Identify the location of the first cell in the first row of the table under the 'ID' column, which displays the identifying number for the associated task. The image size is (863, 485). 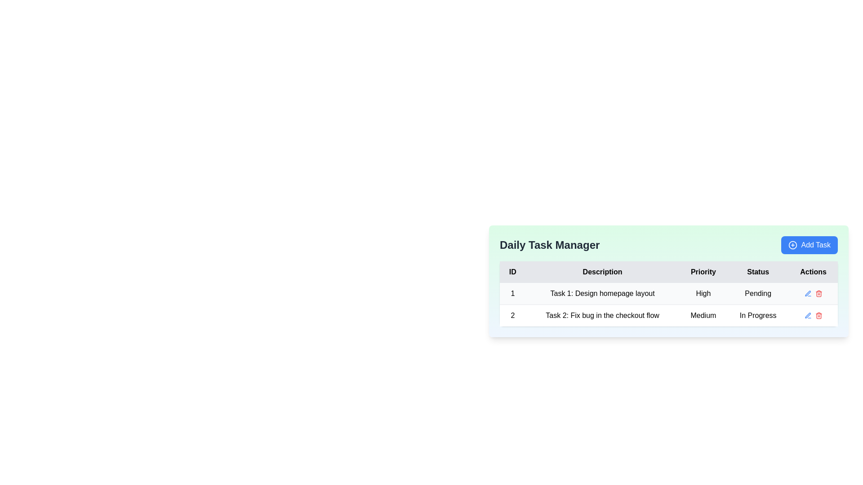
(512, 294).